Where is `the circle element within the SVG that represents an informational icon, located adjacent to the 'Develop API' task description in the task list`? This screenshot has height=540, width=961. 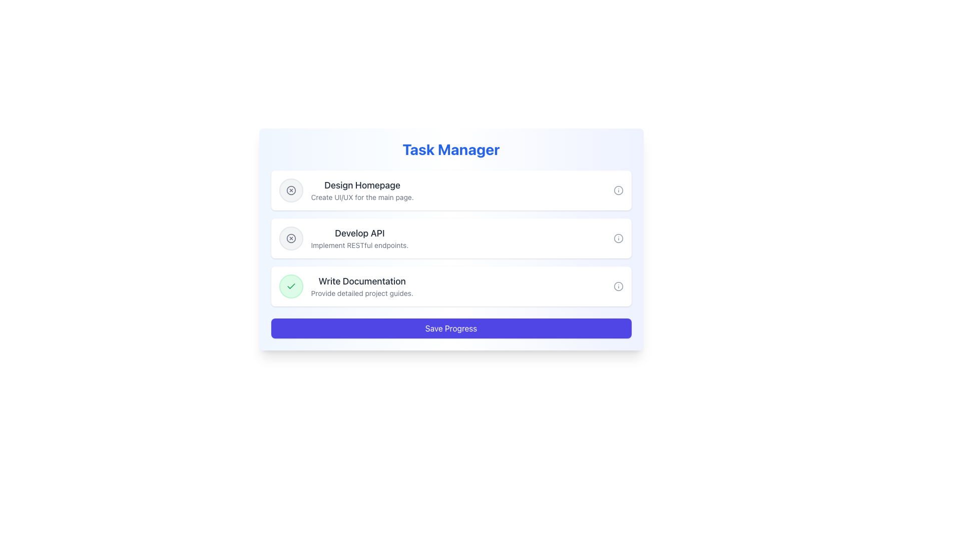
the circle element within the SVG that represents an informational icon, located adjacent to the 'Develop API' task description in the task list is located at coordinates (618, 238).